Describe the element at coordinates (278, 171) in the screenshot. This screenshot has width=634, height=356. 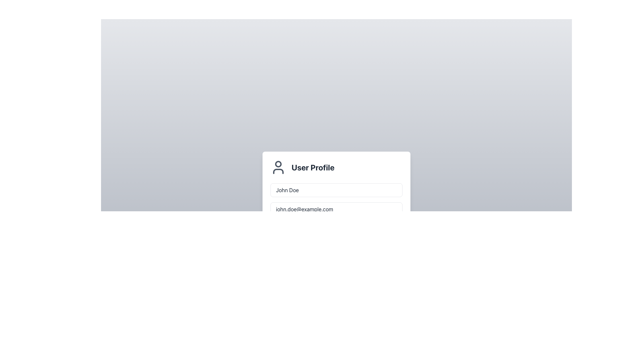
I see `the lower part of the stylized human outline in the user profile icon, which is located directly under the circular head` at that location.